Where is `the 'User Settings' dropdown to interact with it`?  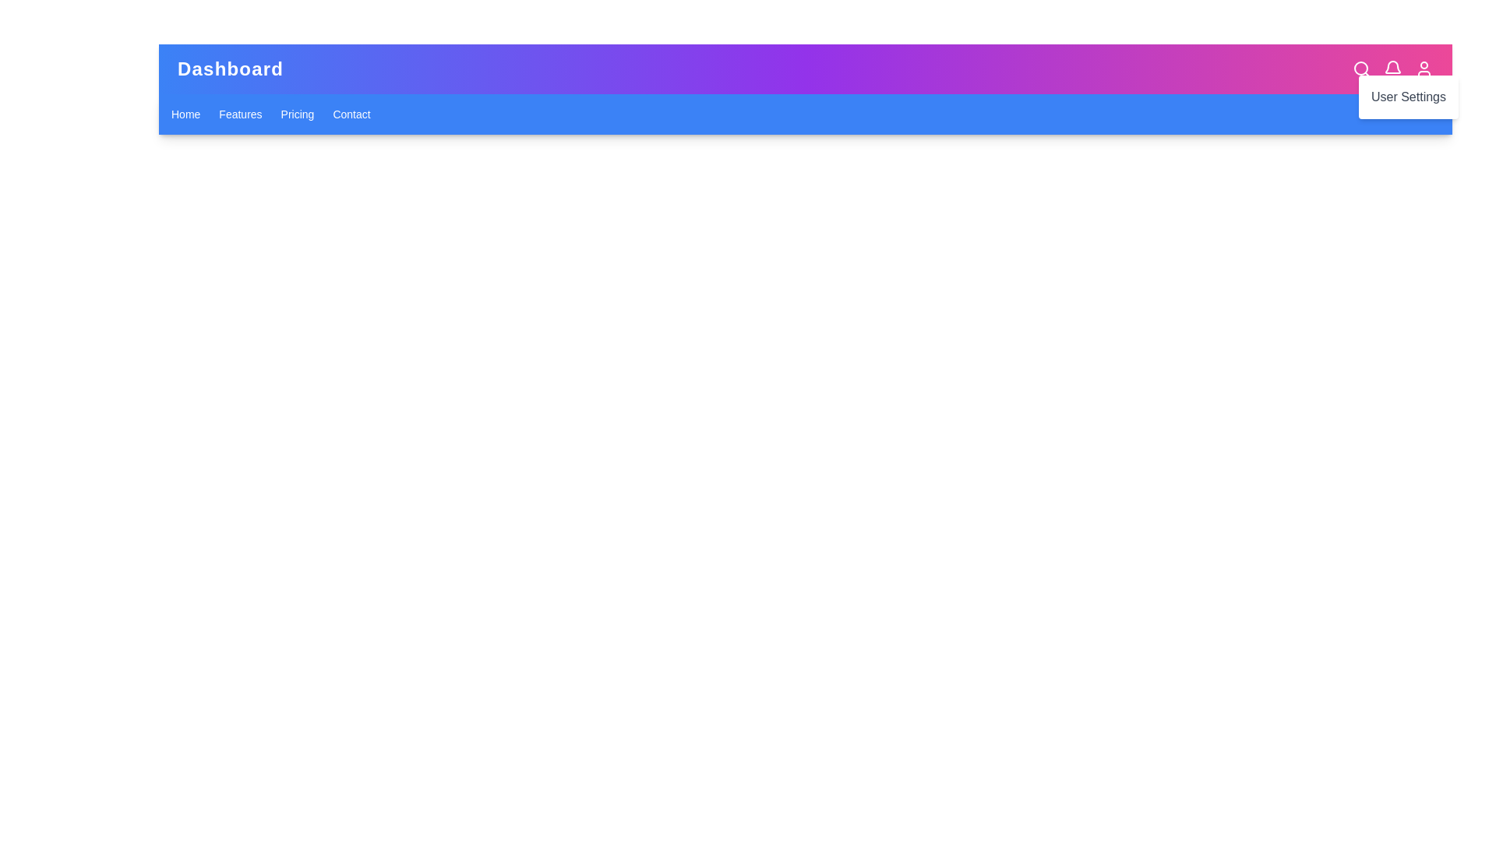 the 'User Settings' dropdown to interact with it is located at coordinates (1424, 68).